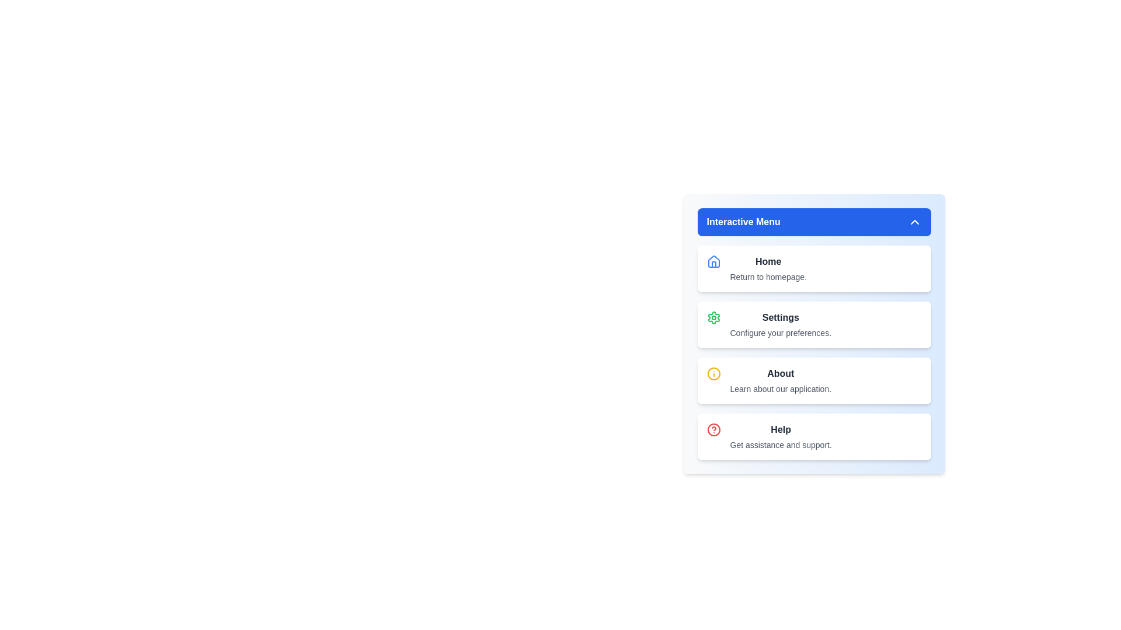  What do you see at coordinates (781, 380) in the screenshot?
I see `the 'About' text label, which is a prominent part of the Interactive Menu located in the right-center of the interface, positioned between 'Settings' and 'Help'` at bounding box center [781, 380].